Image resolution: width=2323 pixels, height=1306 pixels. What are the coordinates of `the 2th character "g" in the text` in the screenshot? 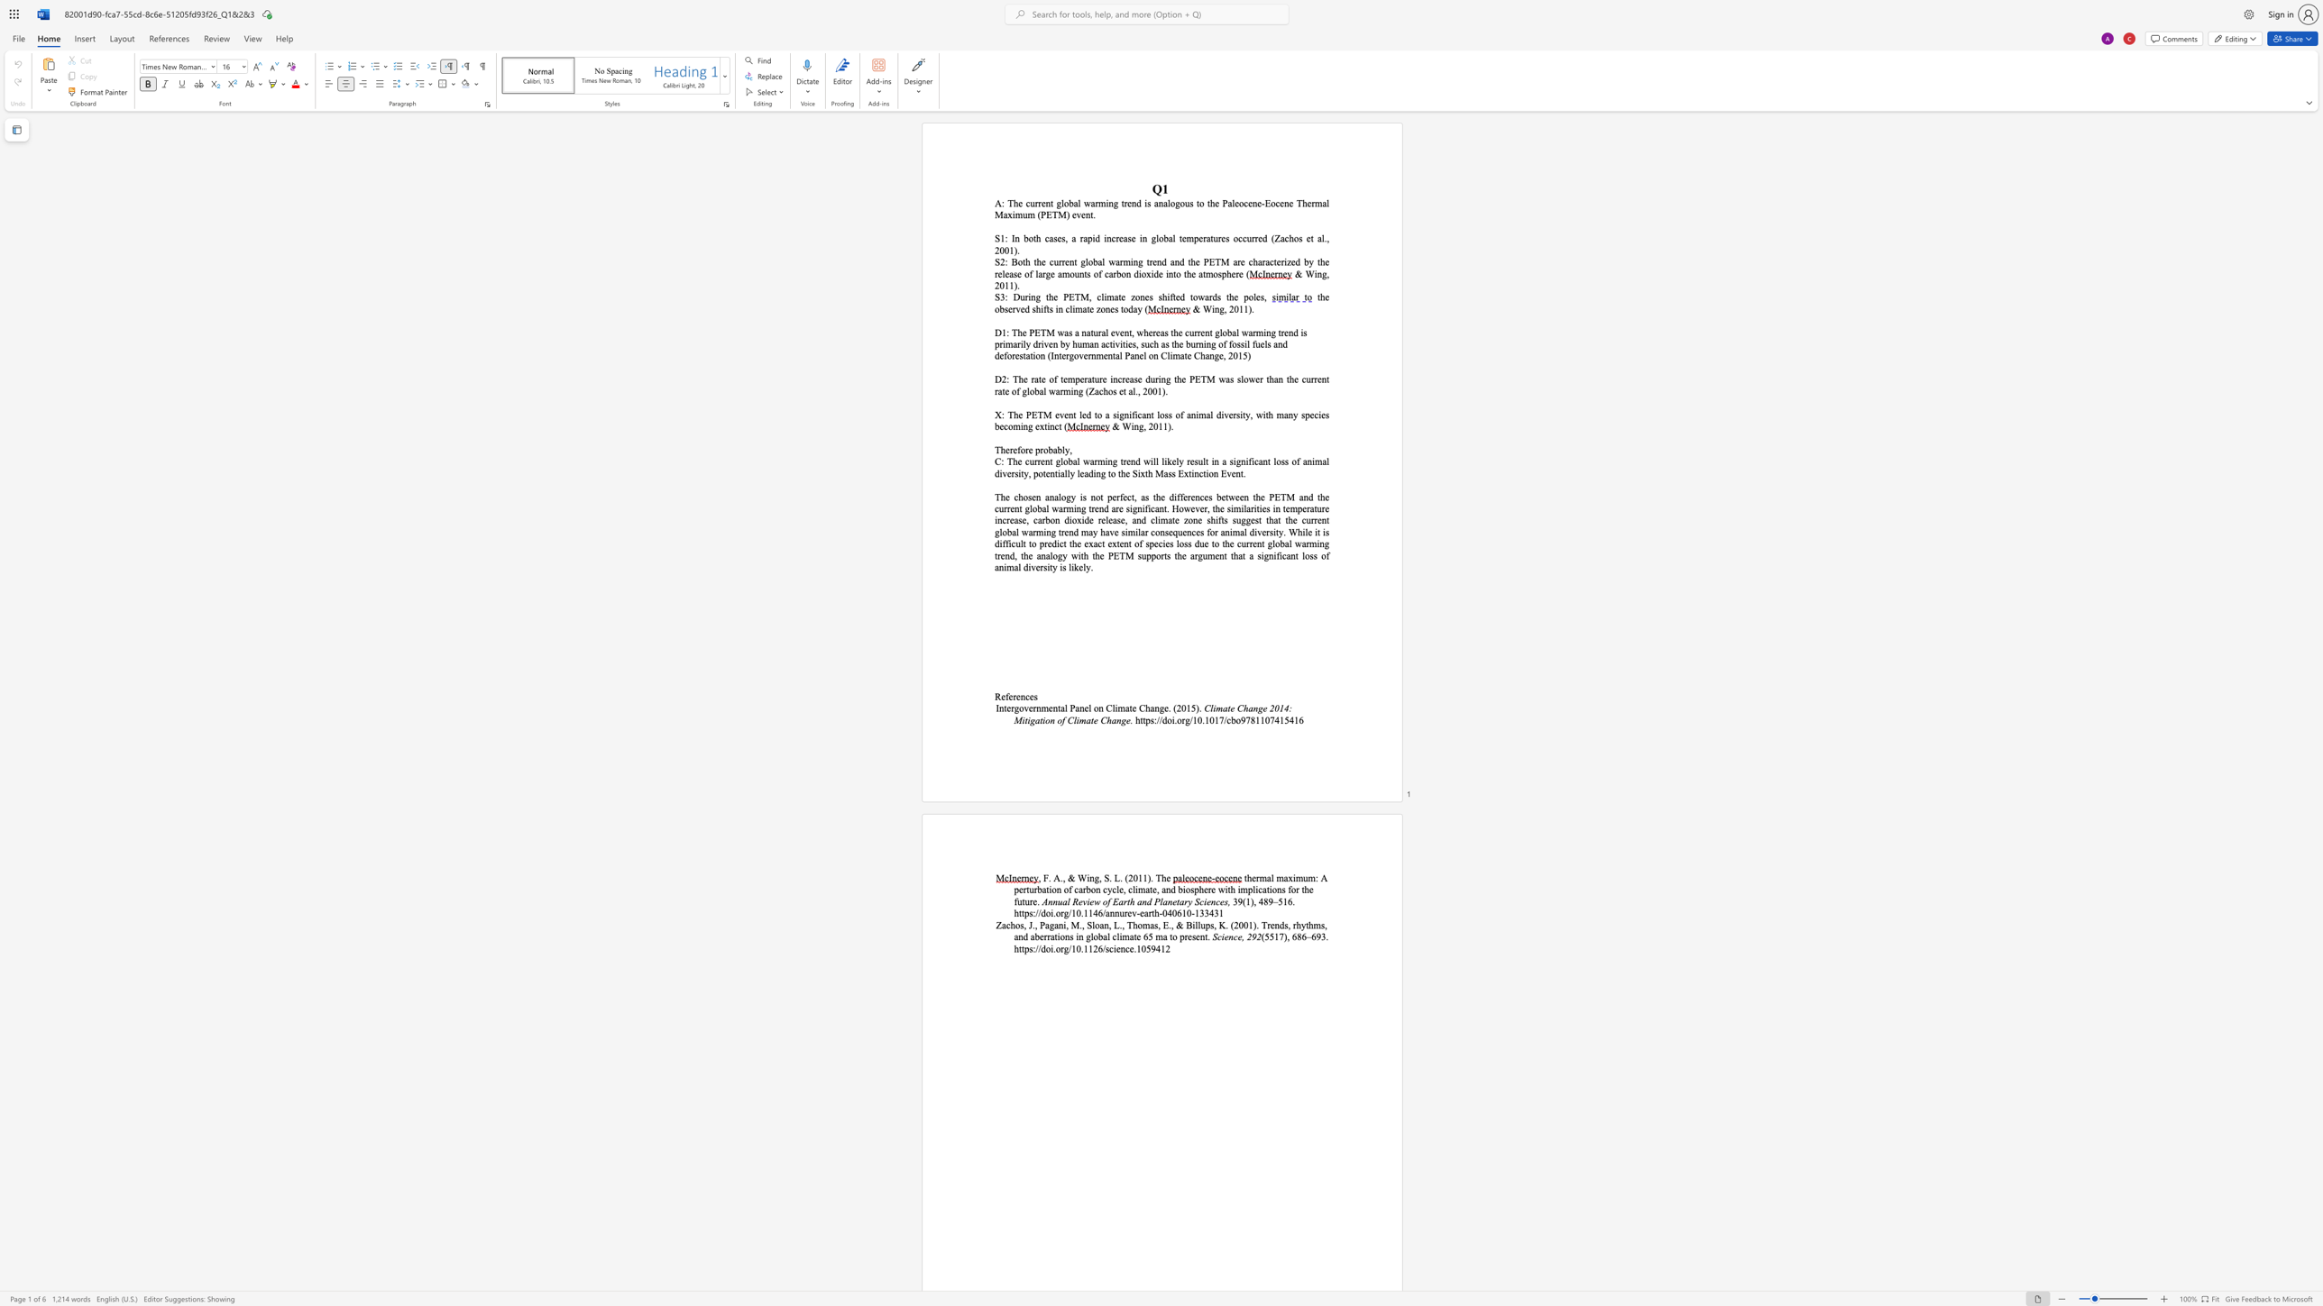 It's located at (1115, 203).